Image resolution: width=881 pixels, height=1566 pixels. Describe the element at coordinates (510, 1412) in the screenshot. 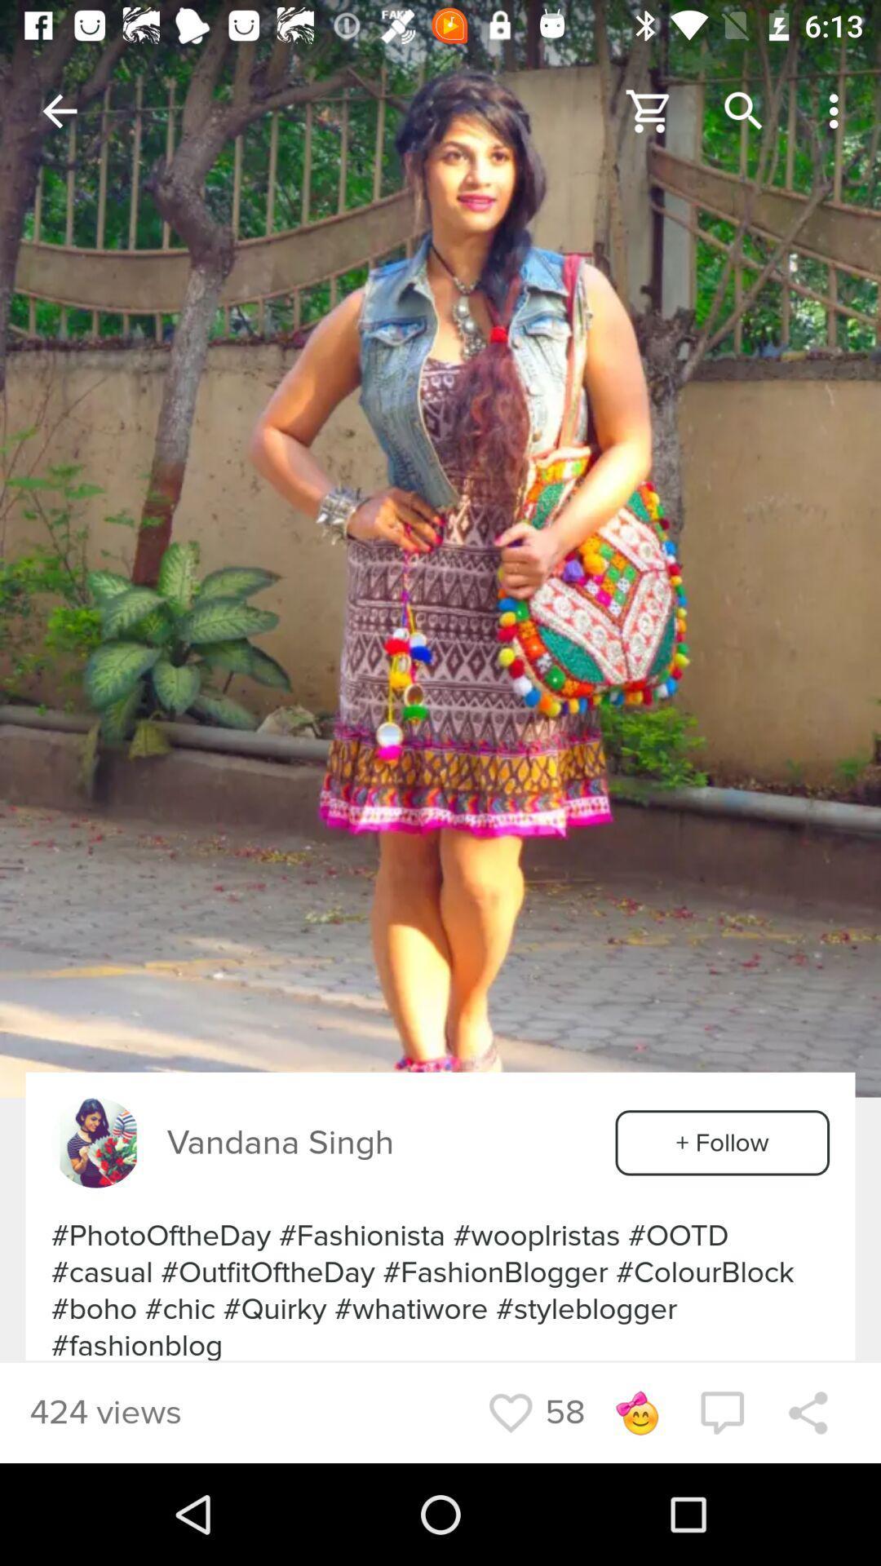

I see `favorite` at that location.